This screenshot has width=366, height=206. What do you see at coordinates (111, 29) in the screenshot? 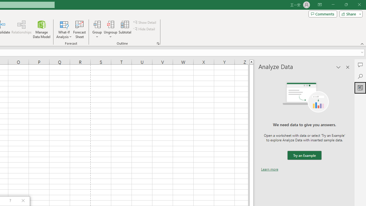
I see `'Ungroup...'` at bounding box center [111, 29].